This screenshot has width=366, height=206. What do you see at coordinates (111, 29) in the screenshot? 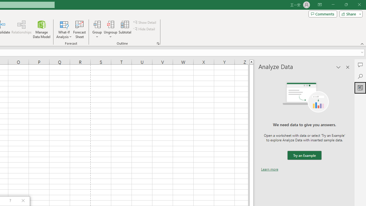
I see `'Ungroup...'` at bounding box center [111, 29].